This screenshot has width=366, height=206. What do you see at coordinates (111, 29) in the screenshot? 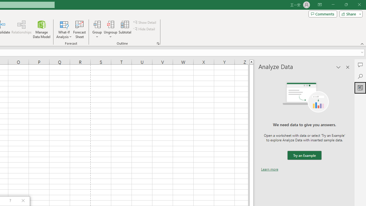
I see `'Ungroup...'` at bounding box center [111, 29].